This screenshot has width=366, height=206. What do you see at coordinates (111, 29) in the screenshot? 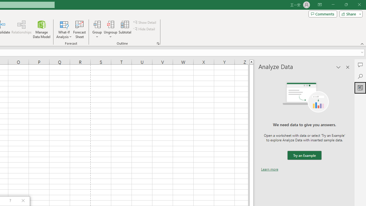
I see `'Ungroup...'` at bounding box center [111, 29].